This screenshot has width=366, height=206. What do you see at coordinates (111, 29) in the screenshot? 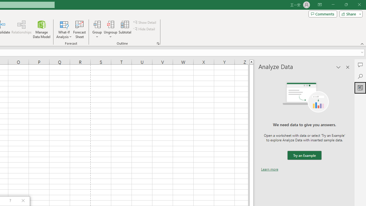
I see `'Ungroup...'` at bounding box center [111, 29].